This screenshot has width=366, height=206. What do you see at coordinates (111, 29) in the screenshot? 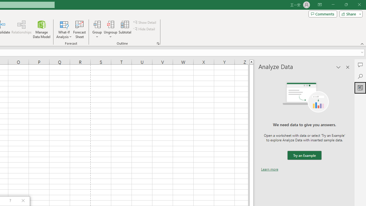
I see `'Ungroup...'` at bounding box center [111, 29].